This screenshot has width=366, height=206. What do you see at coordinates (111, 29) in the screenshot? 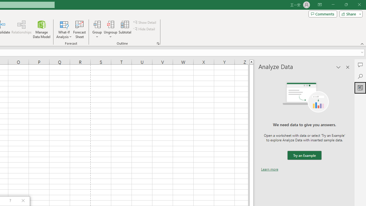
I see `'Ungroup...'` at bounding box center [111, 29].